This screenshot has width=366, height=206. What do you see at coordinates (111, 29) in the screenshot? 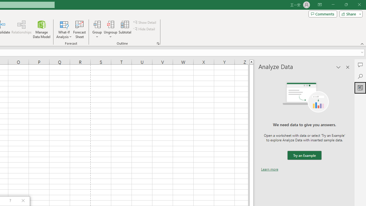
I see `'Ungroup...'` at bounding box center [111, 29].